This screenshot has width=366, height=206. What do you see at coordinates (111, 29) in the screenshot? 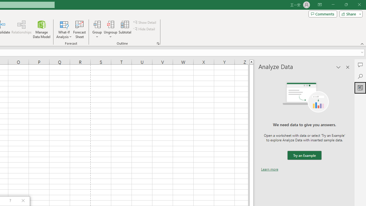
I see `'Ungroup...'` at bounding box center [111, 29].